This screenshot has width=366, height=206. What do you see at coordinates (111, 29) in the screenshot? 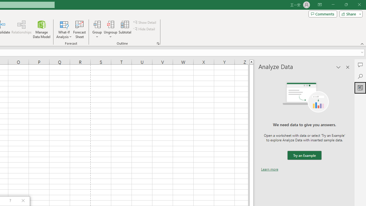
I see `'Ungroup...'` at bounding box center [111, 29].